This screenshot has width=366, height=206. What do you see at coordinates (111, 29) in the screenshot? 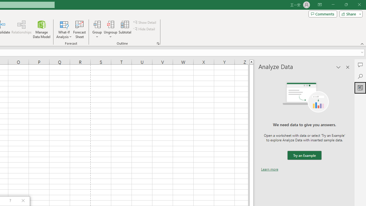
I see `'Ungroup...'` at bounding box center [111, 29].